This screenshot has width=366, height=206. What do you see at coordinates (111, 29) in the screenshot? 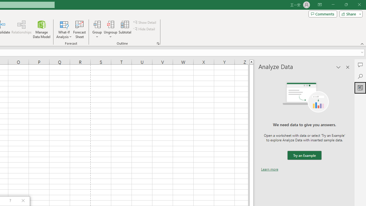
I see `'Ungroup...'` at bounding box center [111, 29].